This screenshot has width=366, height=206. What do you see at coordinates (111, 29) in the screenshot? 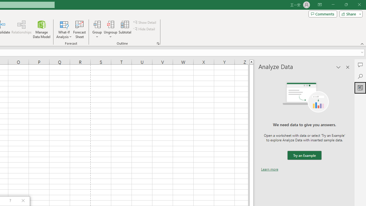
I see `'Ungroup...'` at bounding box center [111, 29].